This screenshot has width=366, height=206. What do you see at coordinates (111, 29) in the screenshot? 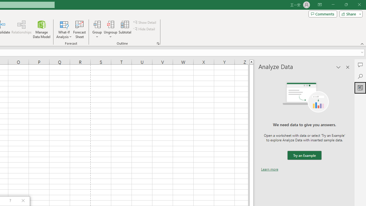
I see `'Ungroup...'` at bounding box center [111, 29].